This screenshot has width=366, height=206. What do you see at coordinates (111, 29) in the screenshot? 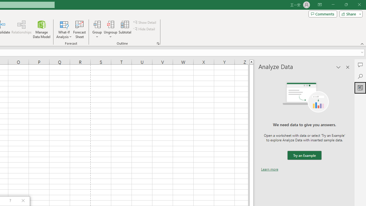
I see `'Ungroup...'` at bounding box center [111, 29].